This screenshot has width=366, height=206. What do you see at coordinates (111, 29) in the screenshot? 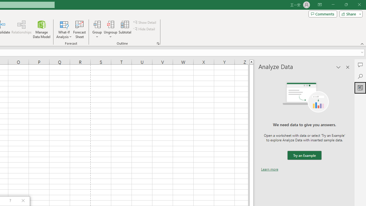
I see `'Ungroup...'` at bounding box center [111, 29].